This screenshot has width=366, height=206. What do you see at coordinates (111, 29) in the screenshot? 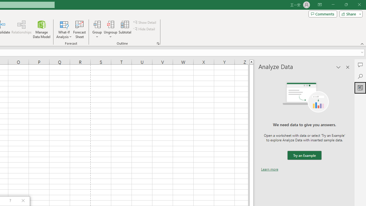
I see `'Ungroup...'` at bounding box center [111, 29].